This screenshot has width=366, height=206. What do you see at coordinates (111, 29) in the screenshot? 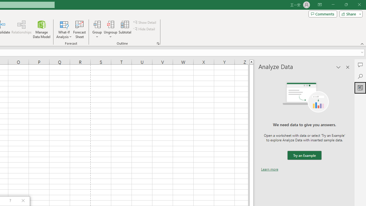
I see `'Ungroup...'` at bounding box center [111, 29].